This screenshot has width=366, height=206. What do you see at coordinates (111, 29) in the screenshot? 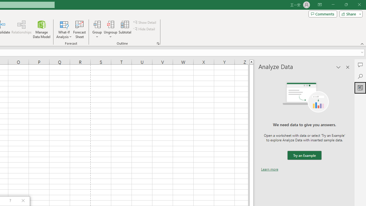
I see `'Ungroup...'` at bounding box center [111, 29].